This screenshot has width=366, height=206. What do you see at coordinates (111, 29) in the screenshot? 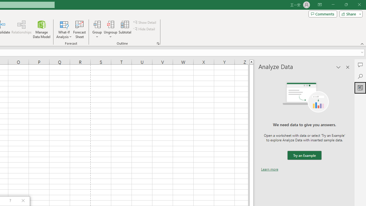
I see `'Ungroup...'` at bounding box center [111, 29].